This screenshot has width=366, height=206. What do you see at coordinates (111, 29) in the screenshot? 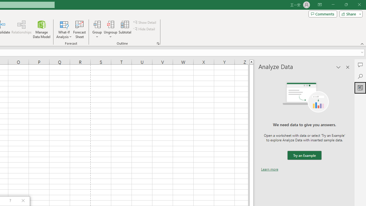
I see `'Ungroup...'` at bounding box center [111, 29].